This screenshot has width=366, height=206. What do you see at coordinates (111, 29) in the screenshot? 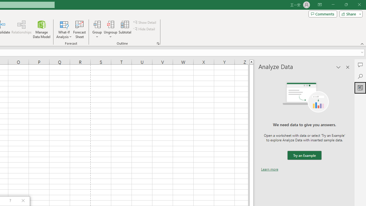
I see `'Ungroup...'` at bounding box center [111, 29].